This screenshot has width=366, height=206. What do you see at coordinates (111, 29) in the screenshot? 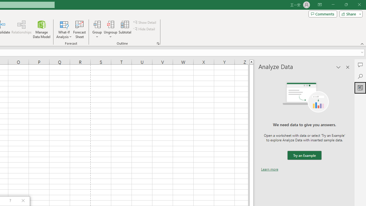
I see `'Ungroup...'` at bounding box center [111, 29].